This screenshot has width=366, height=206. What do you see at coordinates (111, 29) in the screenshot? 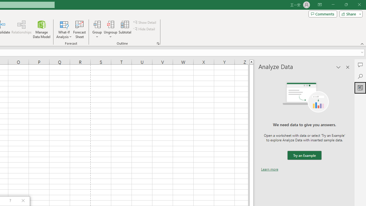
I see `'Ungroup...'` at bounding box center [111, 29].